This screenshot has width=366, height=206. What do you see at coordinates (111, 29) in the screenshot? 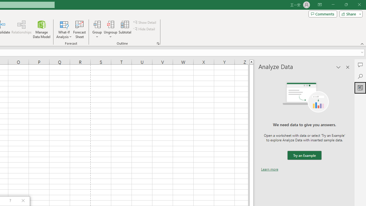
I see `'Ungroup...'` at bounding box center [111, 29].